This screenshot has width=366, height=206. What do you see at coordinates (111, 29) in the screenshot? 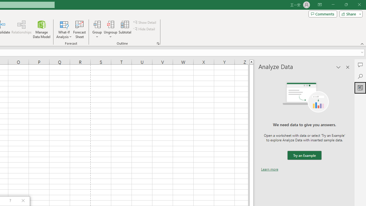
I see `'Ungroup...'` at bounding box center [111, 29].